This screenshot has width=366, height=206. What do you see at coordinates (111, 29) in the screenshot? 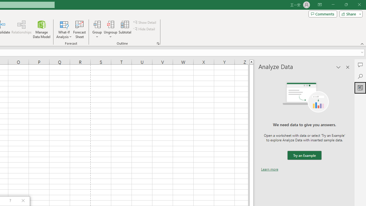
I see `'Ungroup...'` at bounding box center [111, 29].